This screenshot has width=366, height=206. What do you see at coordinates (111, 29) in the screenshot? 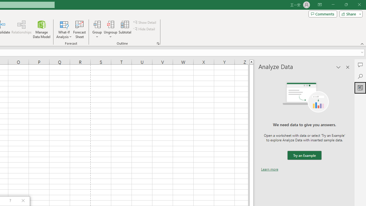
I see `'Ungroup...'` at bounding box center [111, 29].